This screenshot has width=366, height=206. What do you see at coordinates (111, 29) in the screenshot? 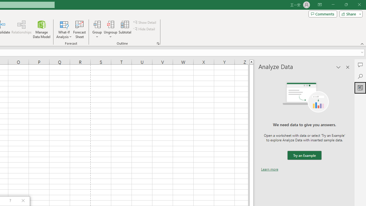
I see `'Ungroup...'` at bounding box center [111, 29].